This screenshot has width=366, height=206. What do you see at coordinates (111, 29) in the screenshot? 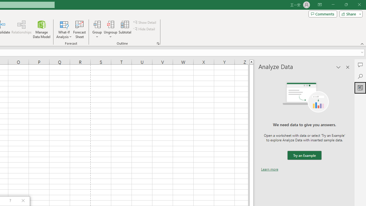
I see `'Ungroup...'` at bounding box center [111, 29].